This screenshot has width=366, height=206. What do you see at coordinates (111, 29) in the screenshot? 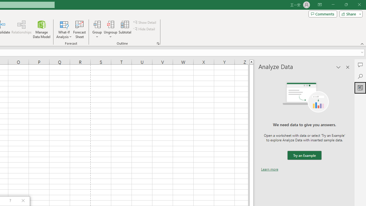
I see `'Ungroup...'` at bounding box center [111, 29].